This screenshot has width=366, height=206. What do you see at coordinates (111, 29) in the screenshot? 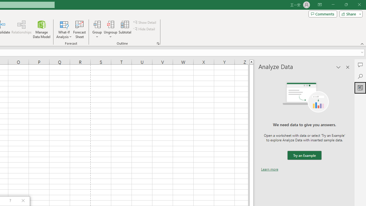
I see `'Ungroup...'` at bounding box center [111, 29].